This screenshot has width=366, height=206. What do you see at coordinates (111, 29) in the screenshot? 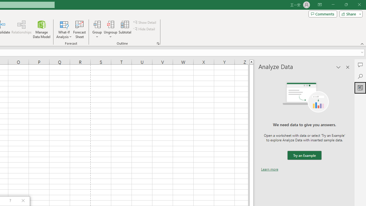
I see `'Ungroup...'` at bounding box center [111, 29].